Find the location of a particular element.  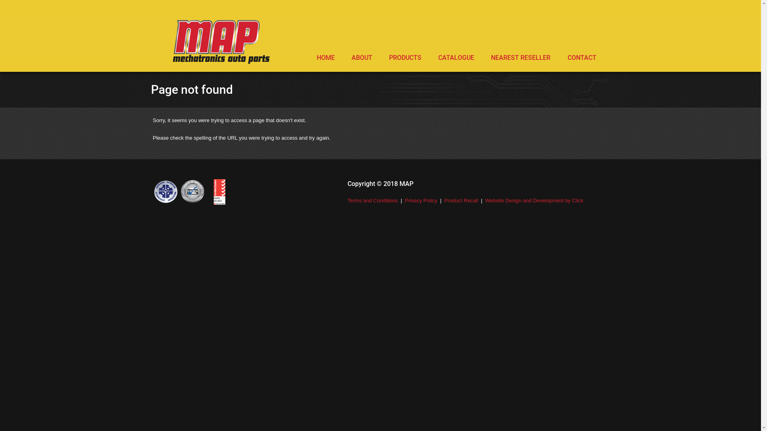

'NEAREST RESELLER' is located at coordinates (521, 57).